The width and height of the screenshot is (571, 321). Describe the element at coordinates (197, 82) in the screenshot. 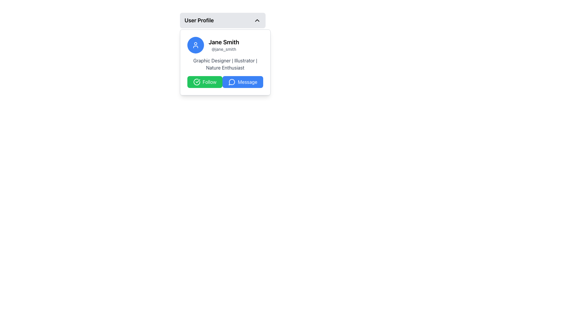

I see `the green circular icon with a check mark that indicates success, located to the left of the green 'Follow' button in the user profile card` at that location.